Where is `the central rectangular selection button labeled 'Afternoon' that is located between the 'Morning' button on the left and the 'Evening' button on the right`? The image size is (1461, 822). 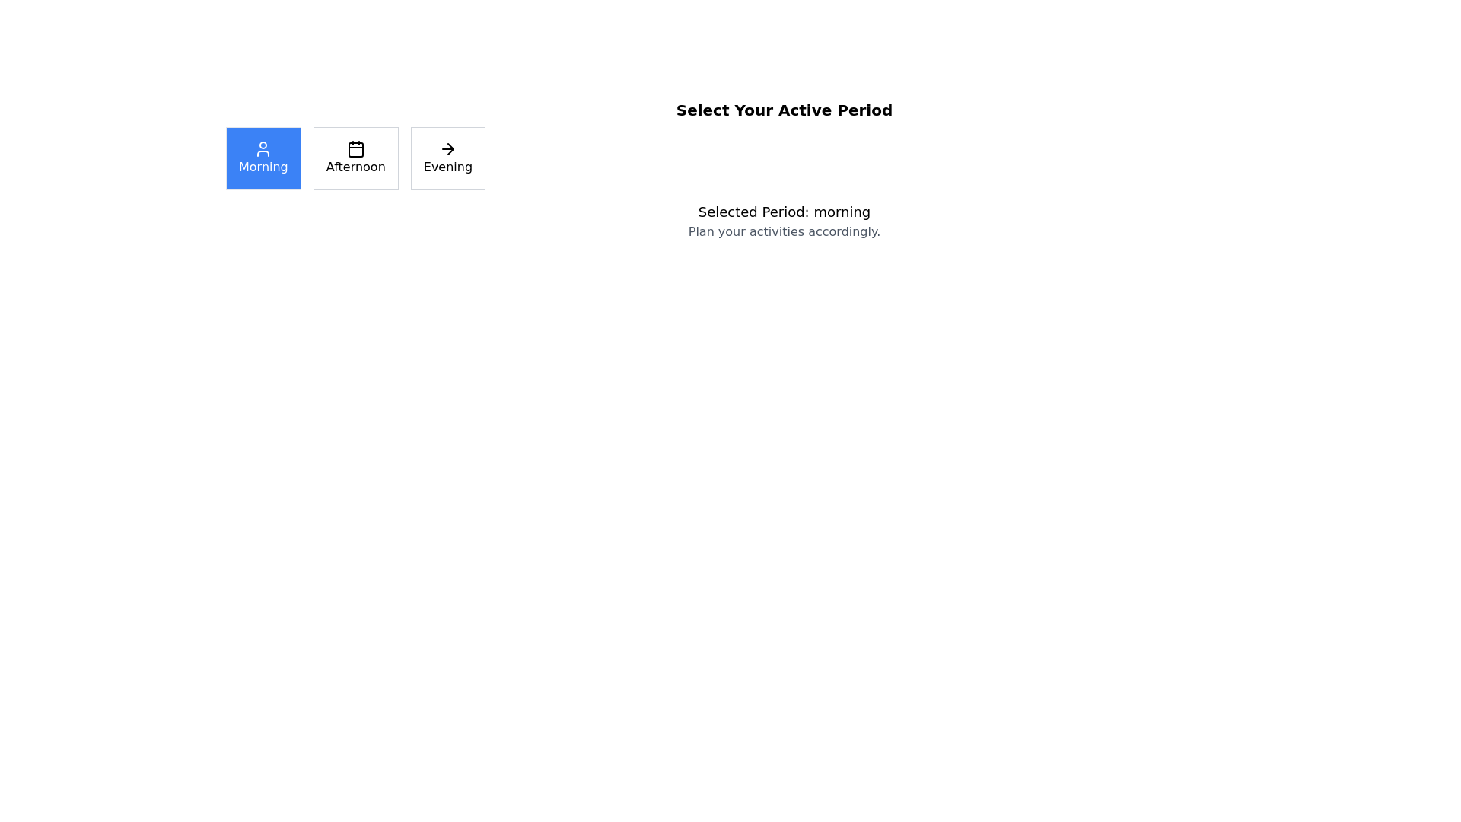
the central rectangular selection button labeled 'Afternoon' that is located between the 'Morning' button on the left and the 'Evening' button on the right is located at coordinates (355, 158).